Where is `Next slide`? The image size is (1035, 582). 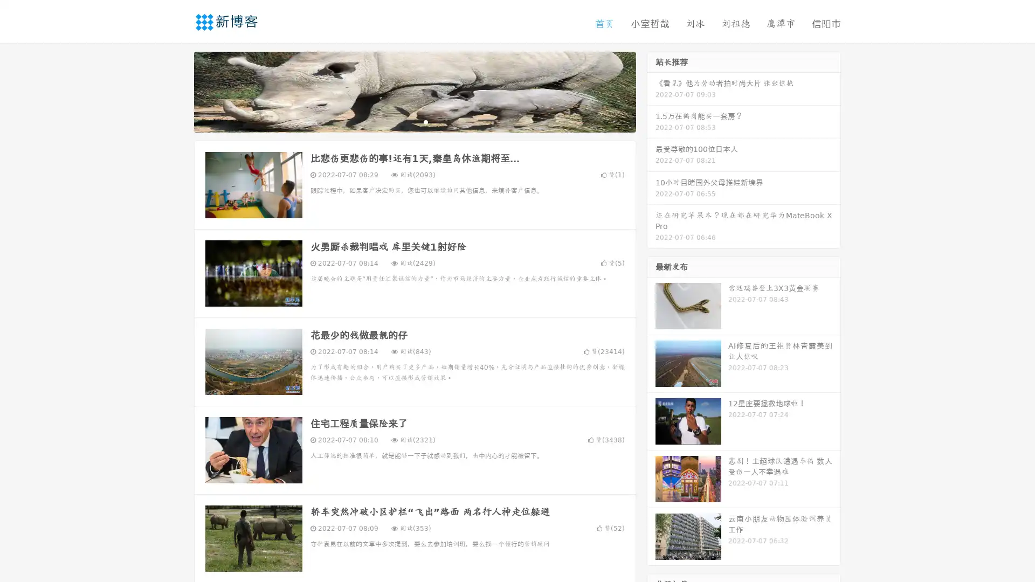 Next slide is located at coordinates (651, 91).